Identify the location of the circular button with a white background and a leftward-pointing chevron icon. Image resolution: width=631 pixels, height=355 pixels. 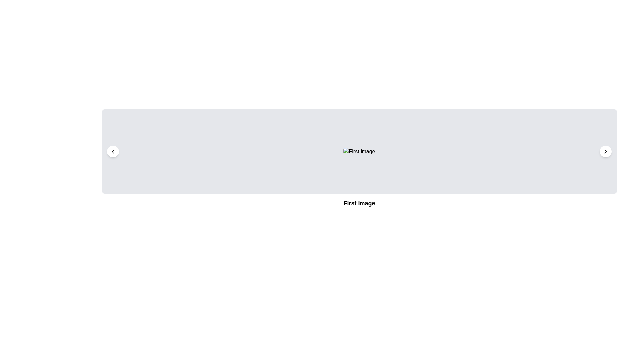
(113, 152).